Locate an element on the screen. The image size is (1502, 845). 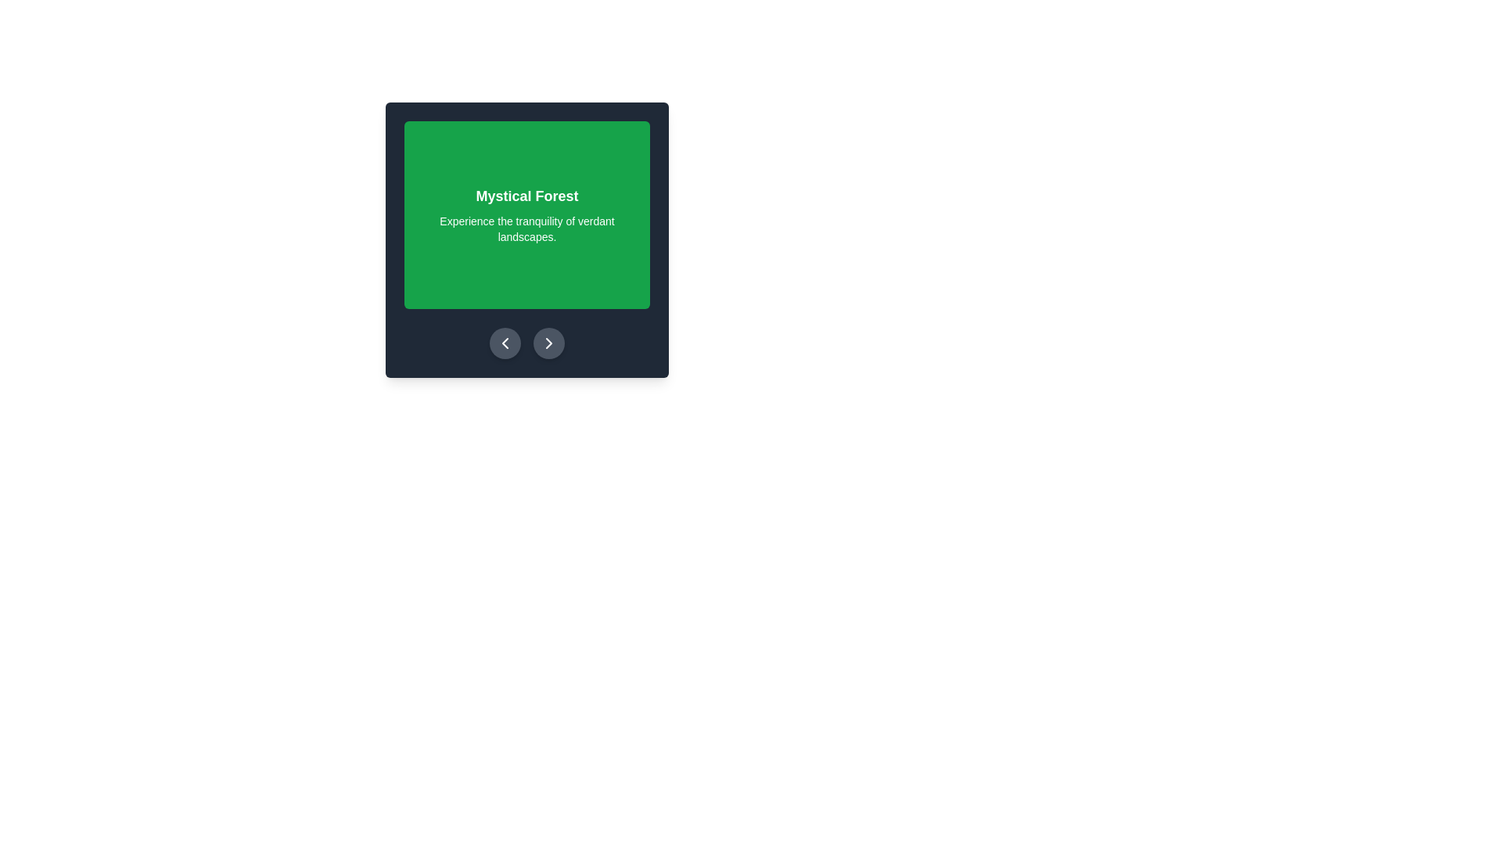
the small chevron-shaped icon pointing to the right, which is part of a circular button located towards the bottom center of the interface, to initiate the next navigation action is located at coordinates (548, 343).